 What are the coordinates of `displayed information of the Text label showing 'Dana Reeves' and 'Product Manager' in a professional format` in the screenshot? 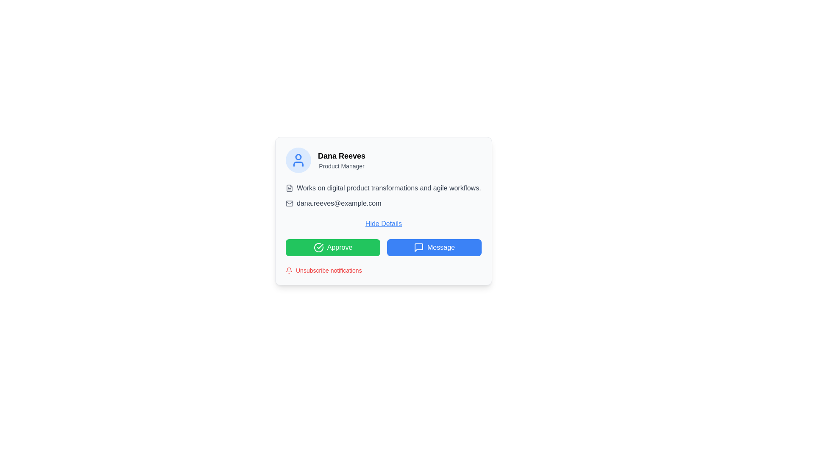 It's located at (342, 160).